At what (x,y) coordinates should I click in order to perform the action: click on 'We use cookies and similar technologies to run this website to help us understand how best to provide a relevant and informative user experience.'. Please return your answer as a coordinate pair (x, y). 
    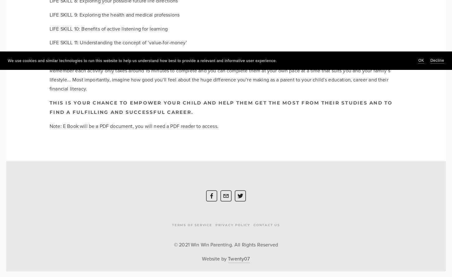
    Looking at the image, I should click on (142, 60).